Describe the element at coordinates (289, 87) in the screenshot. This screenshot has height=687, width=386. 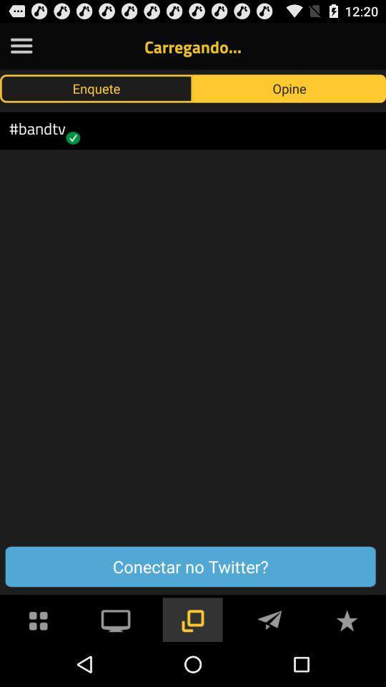
I see `the button above the conectar no twitter?` at that location.